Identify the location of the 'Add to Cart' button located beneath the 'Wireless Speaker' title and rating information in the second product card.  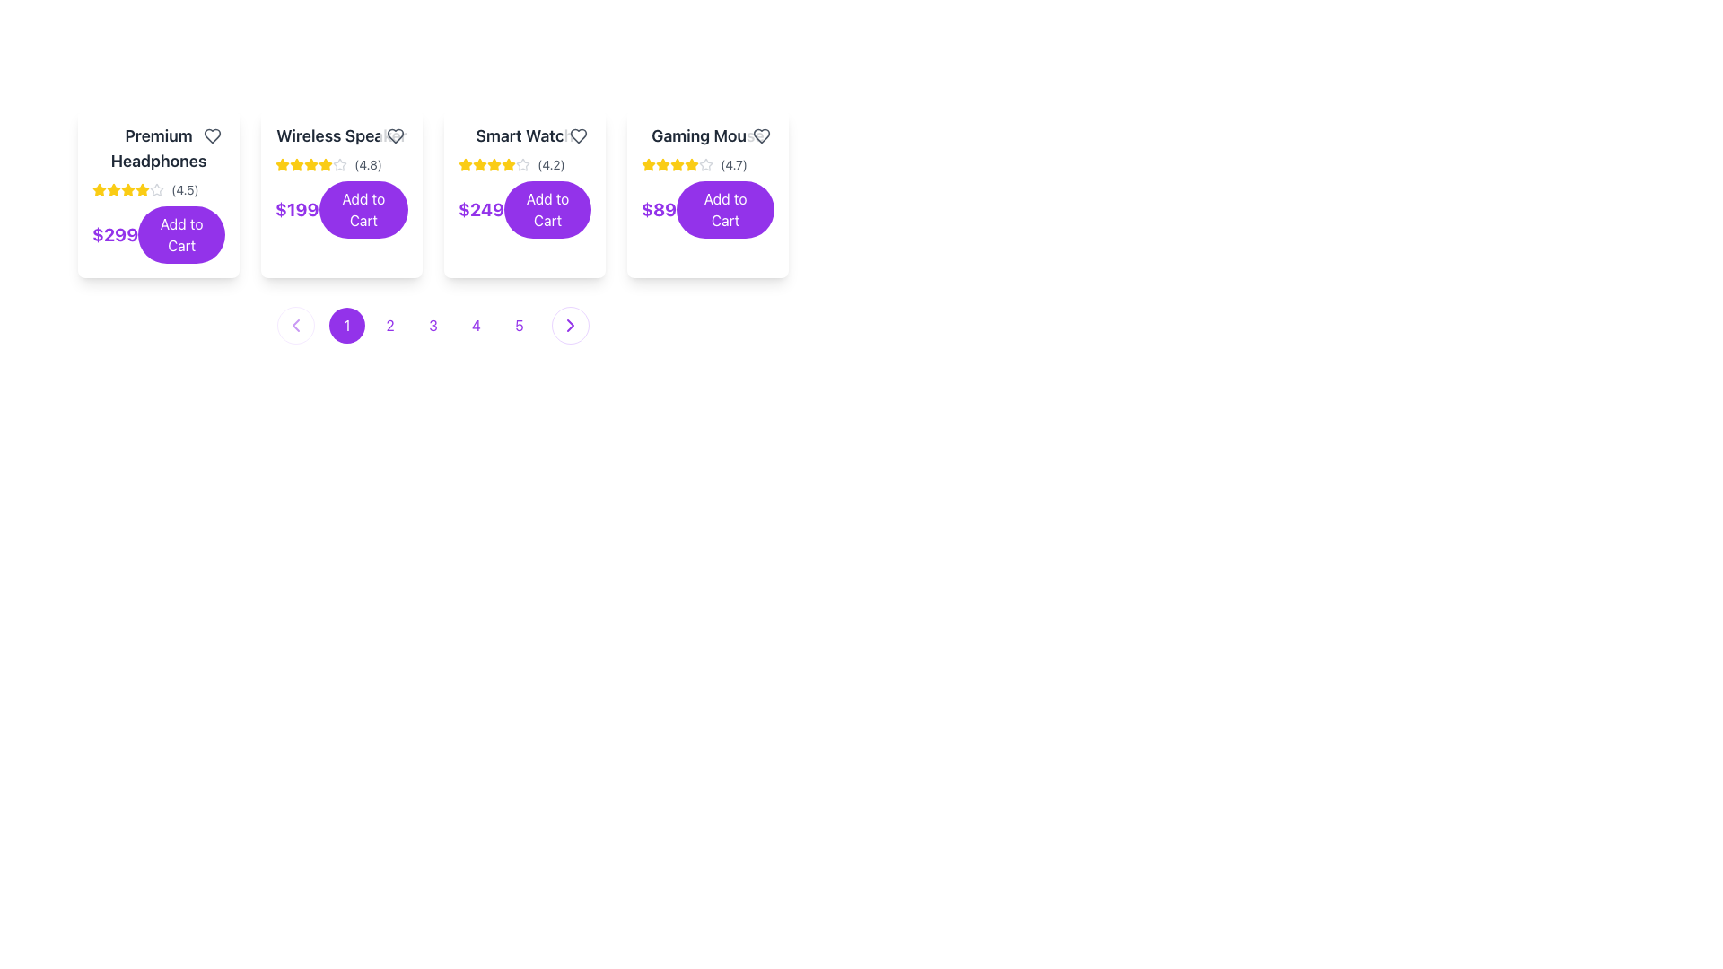
(341, 209).